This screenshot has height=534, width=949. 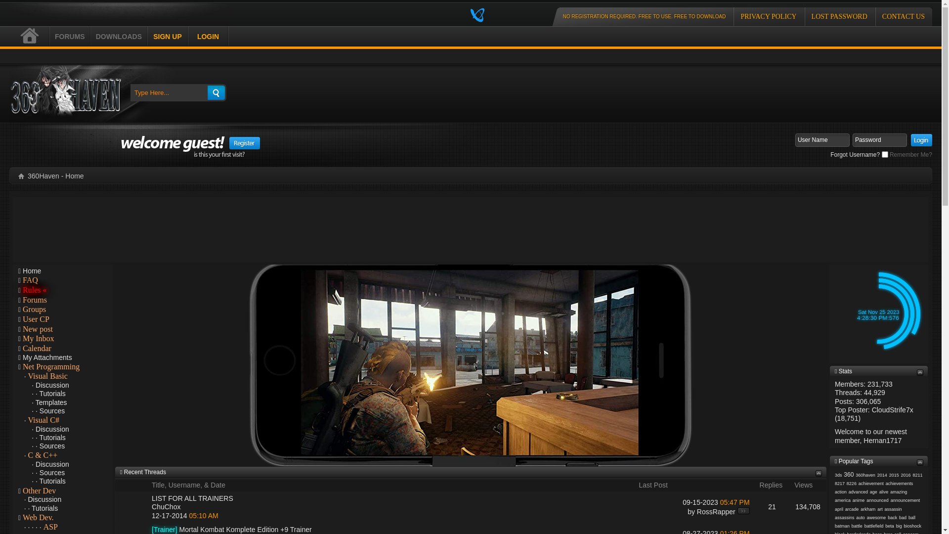 I want to click on 'LIST FOR ALL TRAINERS', so click(x=192, y=498).